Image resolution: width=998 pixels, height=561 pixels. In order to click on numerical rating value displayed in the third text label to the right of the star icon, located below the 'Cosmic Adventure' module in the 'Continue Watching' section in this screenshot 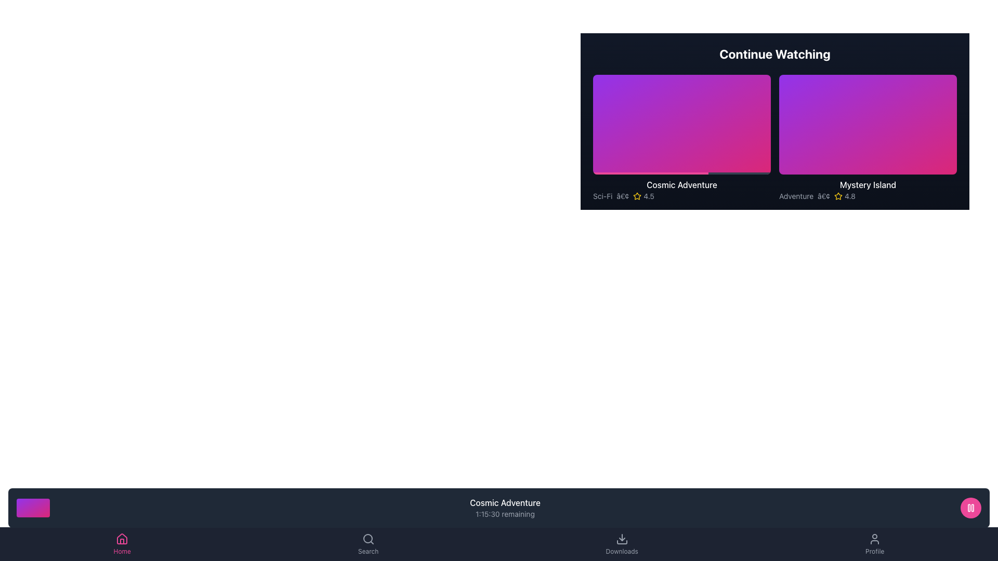, I will do `click(648, 196)`.